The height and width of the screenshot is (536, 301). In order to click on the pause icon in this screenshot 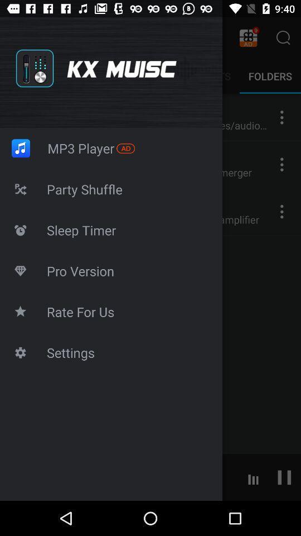, I will do `click(284, 476)`.